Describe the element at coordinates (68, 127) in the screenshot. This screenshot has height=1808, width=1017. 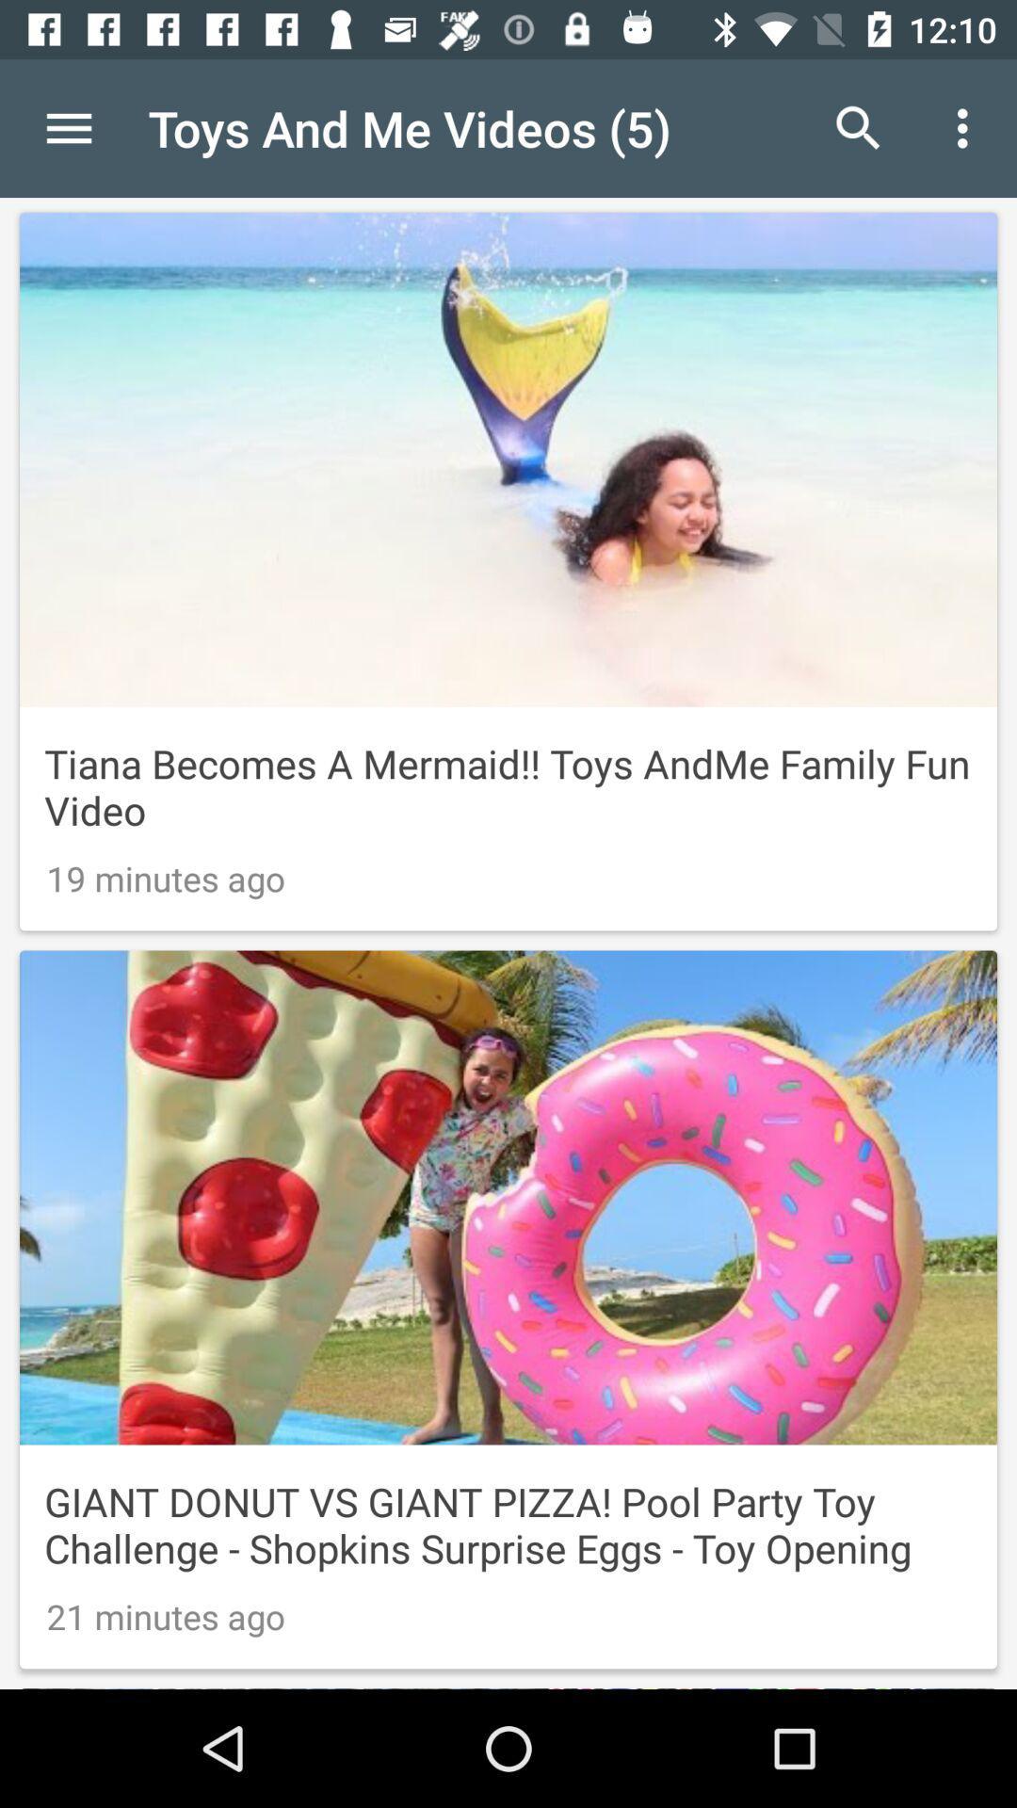
I see `icon at the top left corner` at that location.